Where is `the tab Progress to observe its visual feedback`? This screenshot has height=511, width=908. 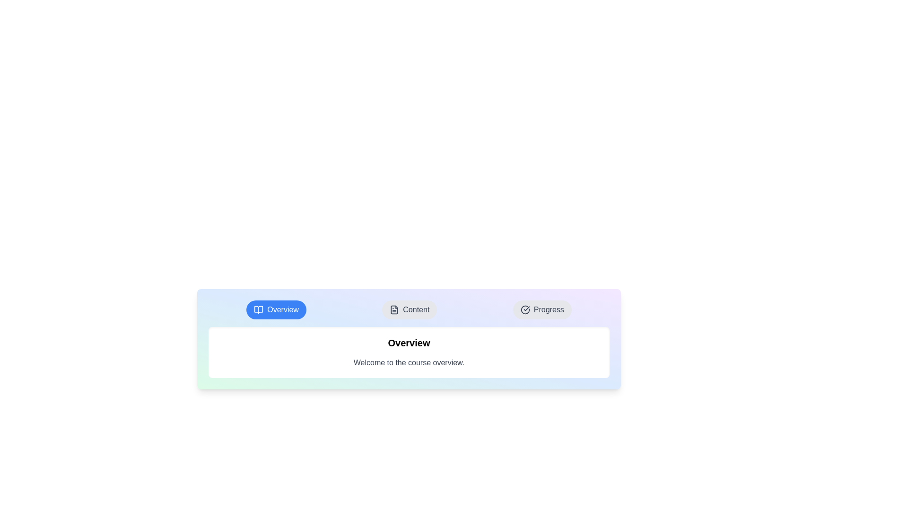
the tab Progress to observe its visual feedback is located at coordinates (542, 310).